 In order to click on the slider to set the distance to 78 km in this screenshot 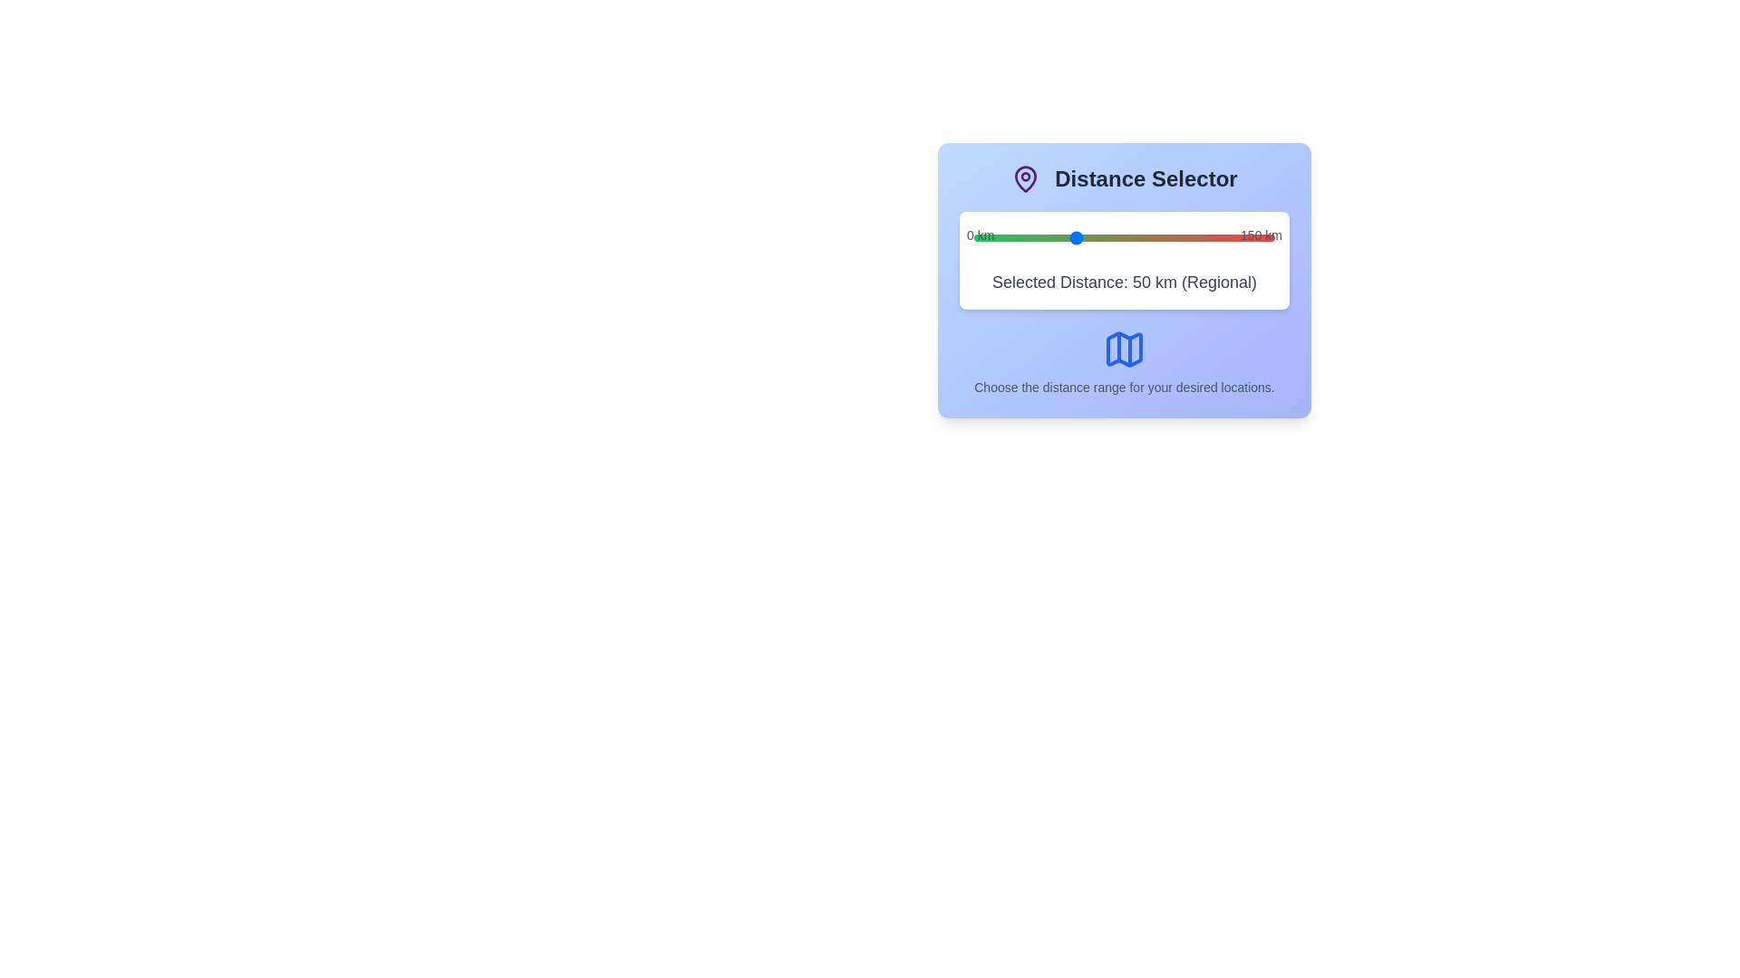, I will do `click(1129, 236)`.